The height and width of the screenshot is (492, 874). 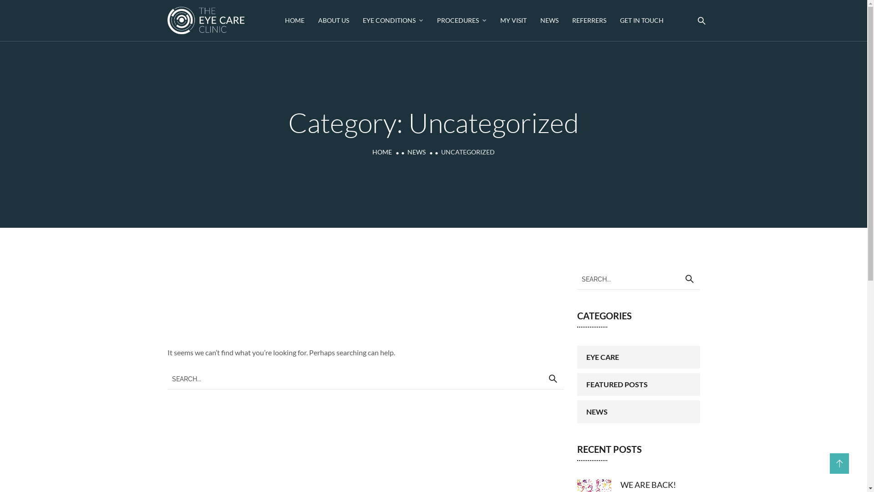 What do you see at coordinates (589, 20) in the screenshot?
I see `'REFERRERS'` at bounding box center [589, 20].